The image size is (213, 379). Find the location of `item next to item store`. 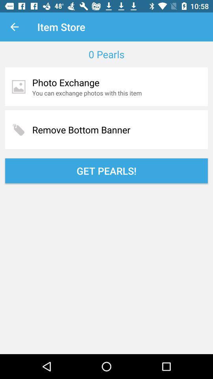

item next to item store is located at coordinates (14, 27).